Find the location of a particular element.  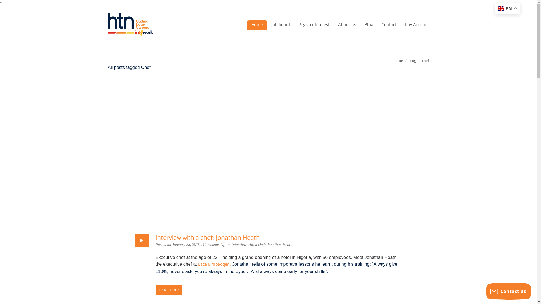

'Job board' is located at coordinates (281, 25).